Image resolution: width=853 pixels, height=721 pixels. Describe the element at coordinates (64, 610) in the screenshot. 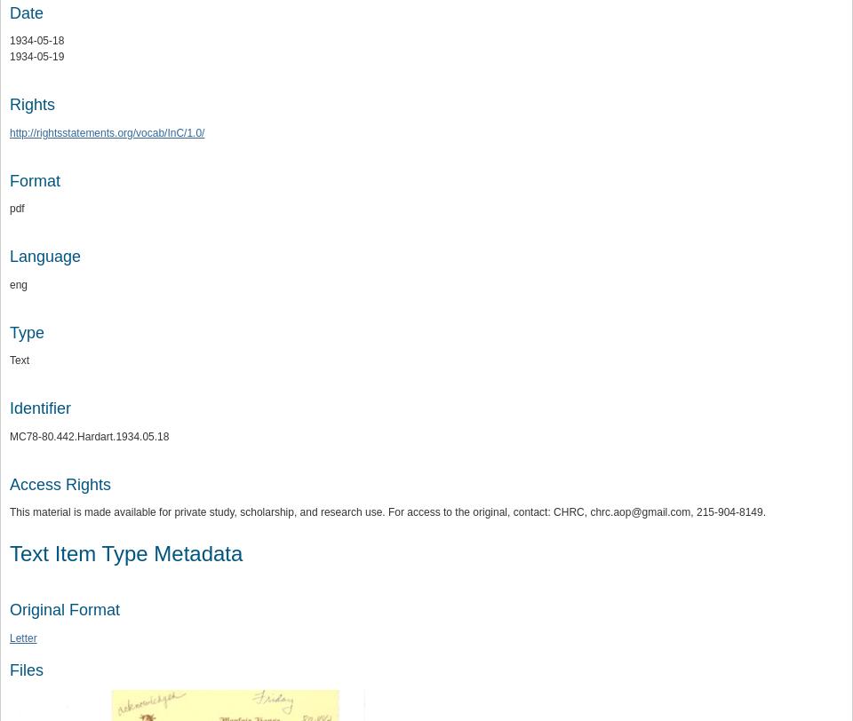

I see `'Original Format'` at that location.